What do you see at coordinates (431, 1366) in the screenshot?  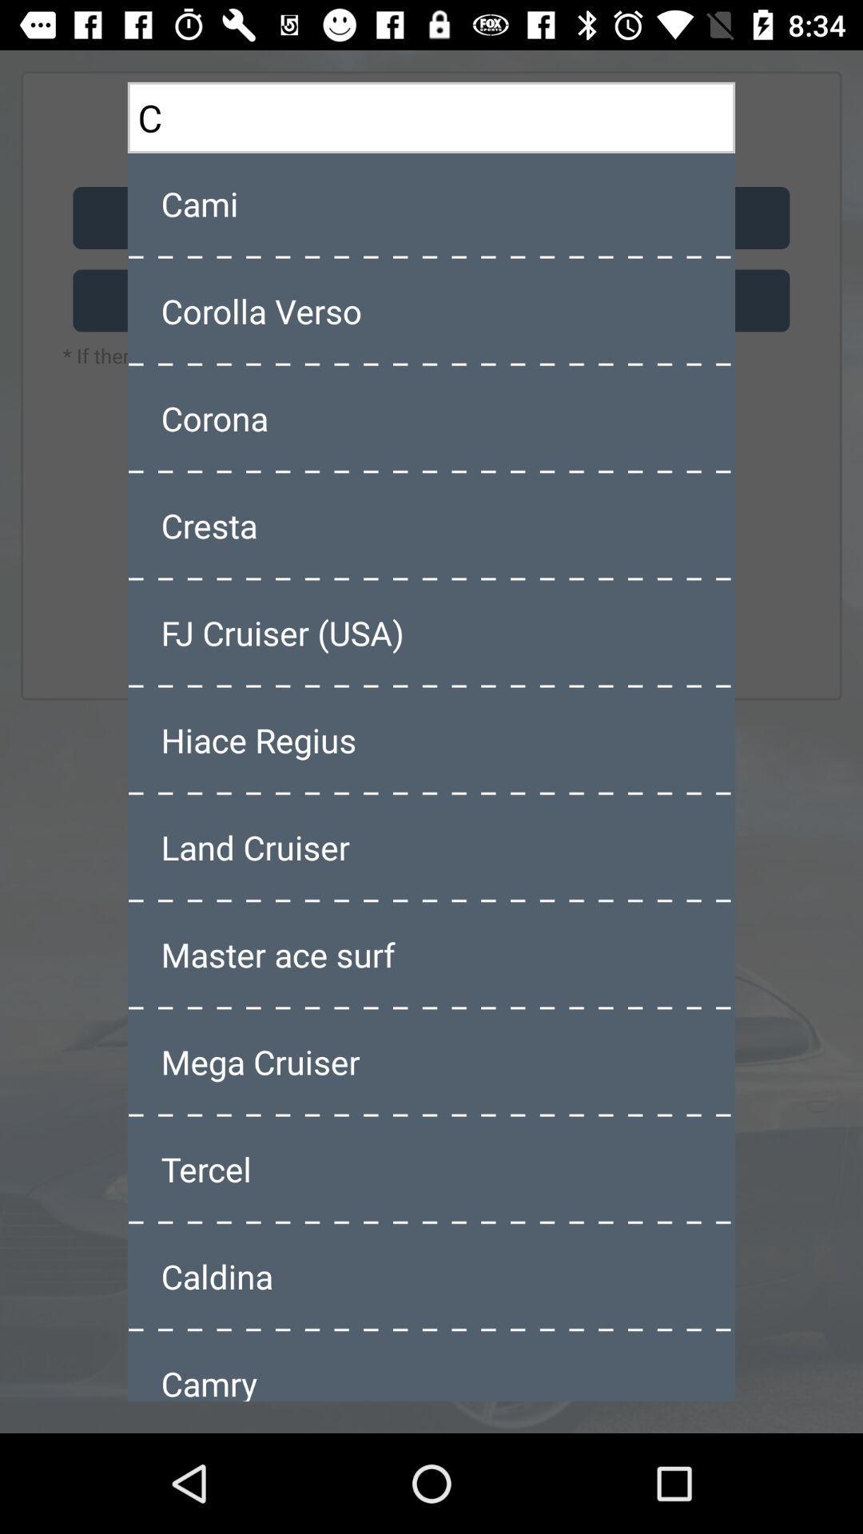 I see `camry` at bounding box center [431, 1366].